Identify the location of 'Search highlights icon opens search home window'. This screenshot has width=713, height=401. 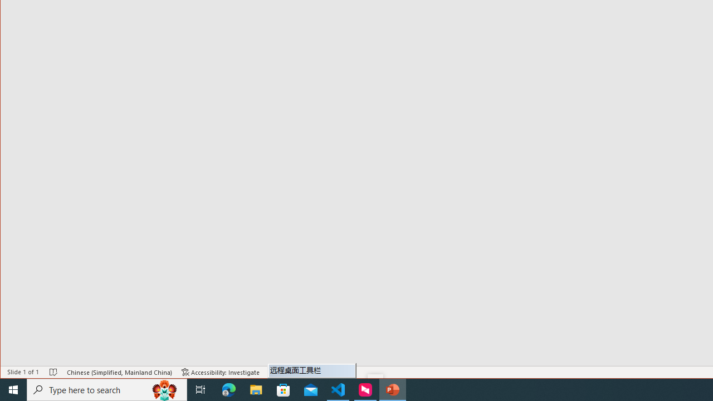
(164, 389).